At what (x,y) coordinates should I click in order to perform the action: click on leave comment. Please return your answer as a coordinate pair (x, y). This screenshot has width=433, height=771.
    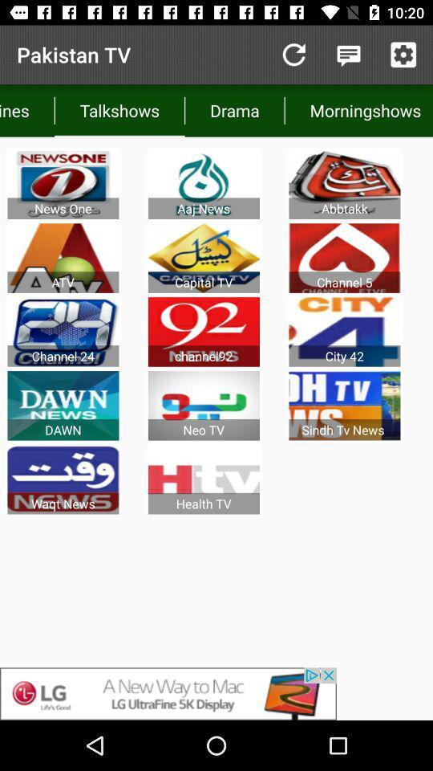
    Looking at the image, I should click on (348, 55).